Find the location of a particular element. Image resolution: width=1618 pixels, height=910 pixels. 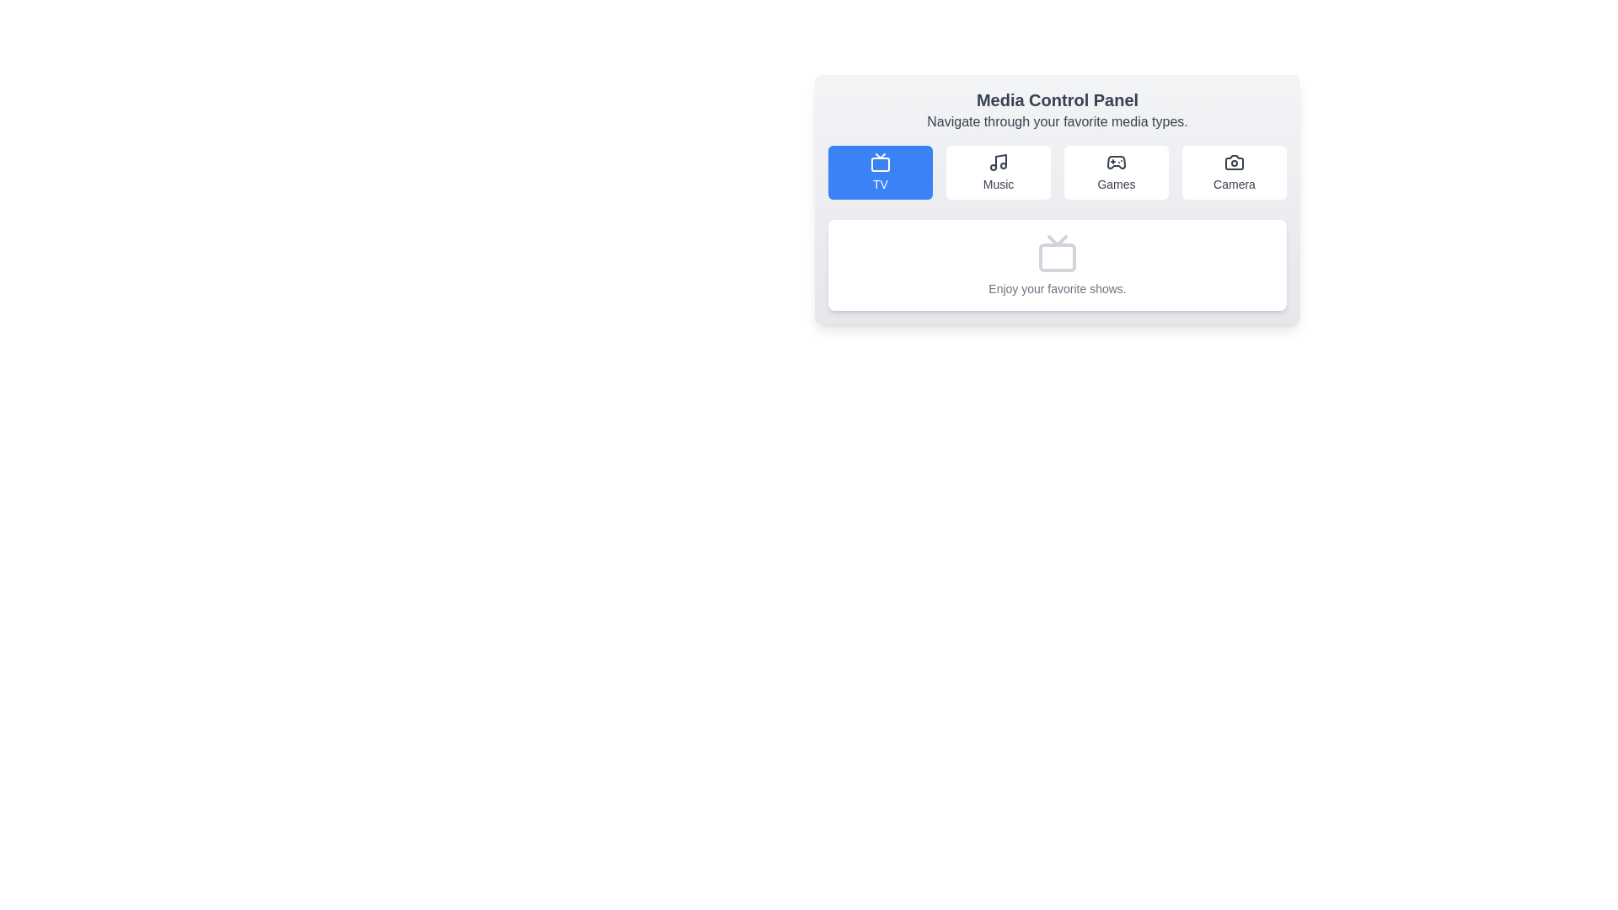

the blue button with rounded corners that contains a television icon and the text 'TV' is located at coordinates (880, 172).